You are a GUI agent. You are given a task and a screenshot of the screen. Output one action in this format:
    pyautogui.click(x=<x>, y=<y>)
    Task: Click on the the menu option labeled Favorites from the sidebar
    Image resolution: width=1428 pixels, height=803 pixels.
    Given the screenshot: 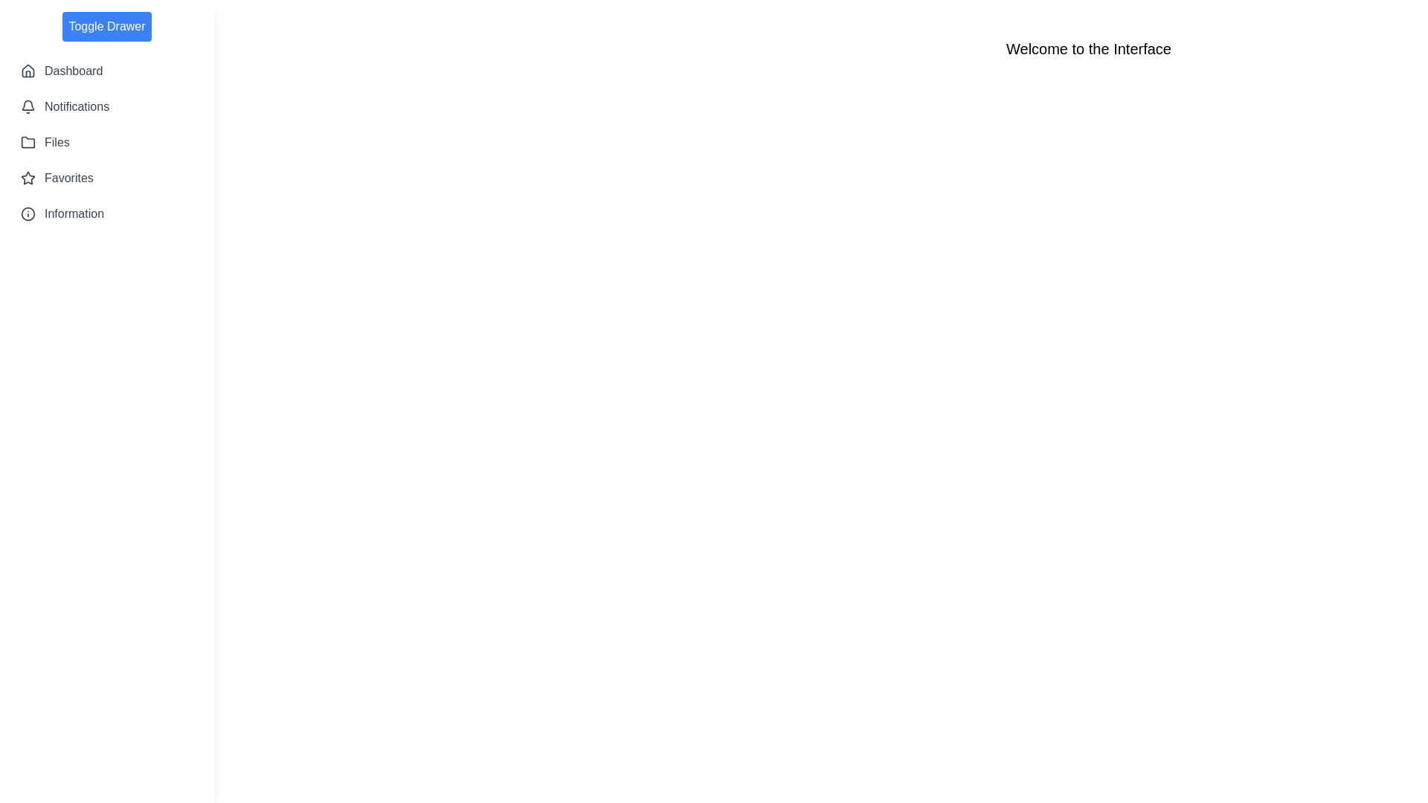 What is the action you would take?
    pyautogui.click(x=106, y=177)
    